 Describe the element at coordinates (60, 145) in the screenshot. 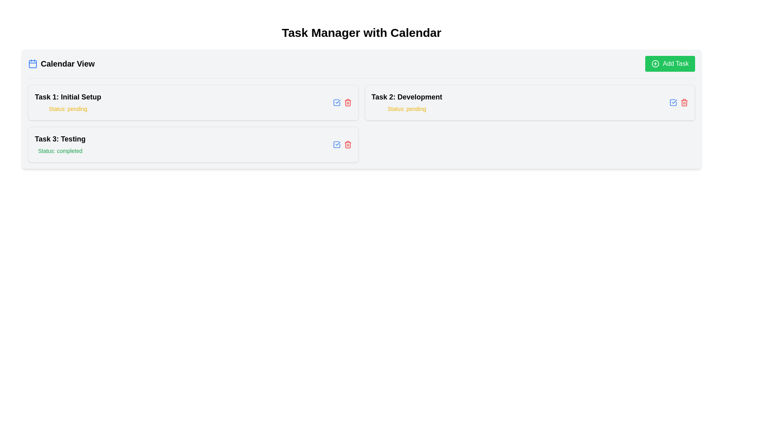

I see `text component displaying 'Task 3: Testing' and 'Status: completed' located in the left column of the second row under the 'Task 1: Initial Setup' card` at that location.